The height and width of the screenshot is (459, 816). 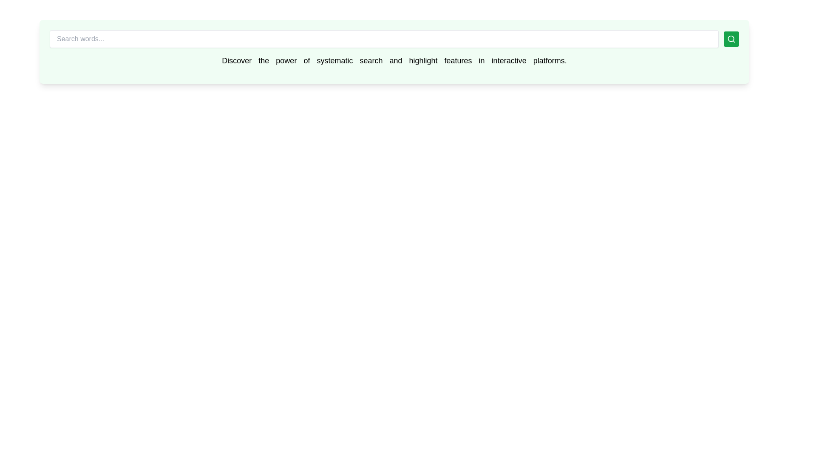 What do you see at coordinates (731, 39) in the screenshot?
I see `the search icon, represented as a magnifying glass symbol, which is centered within a circular green button at the right end of a search input bar, to provide visual feedback` at bounding box center [731, 39].